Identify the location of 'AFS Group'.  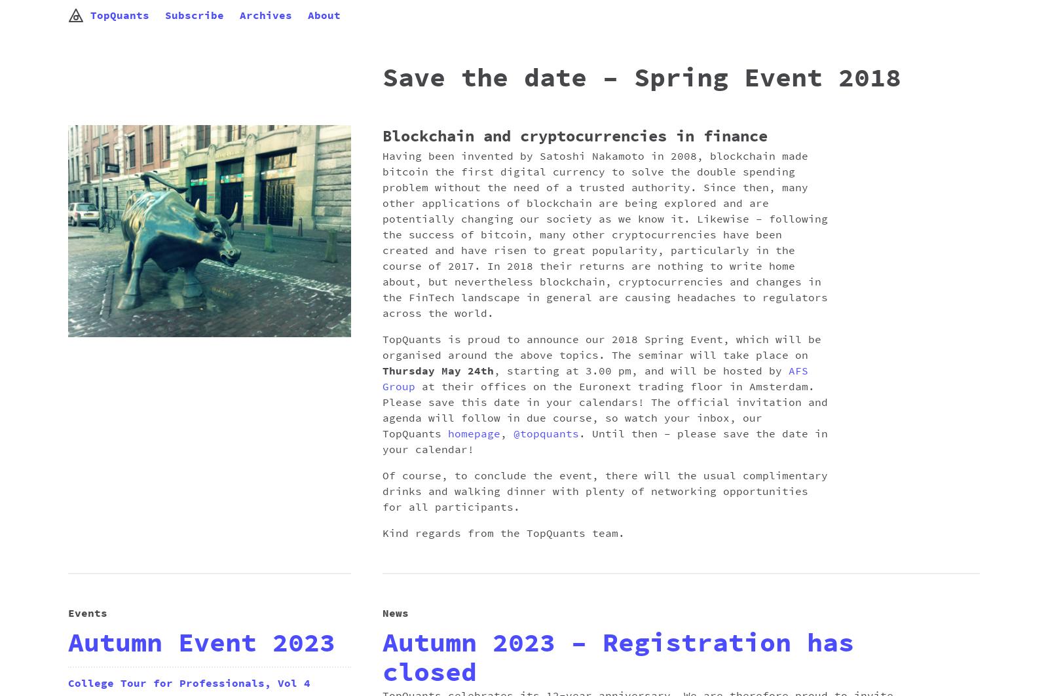
(594, 378).